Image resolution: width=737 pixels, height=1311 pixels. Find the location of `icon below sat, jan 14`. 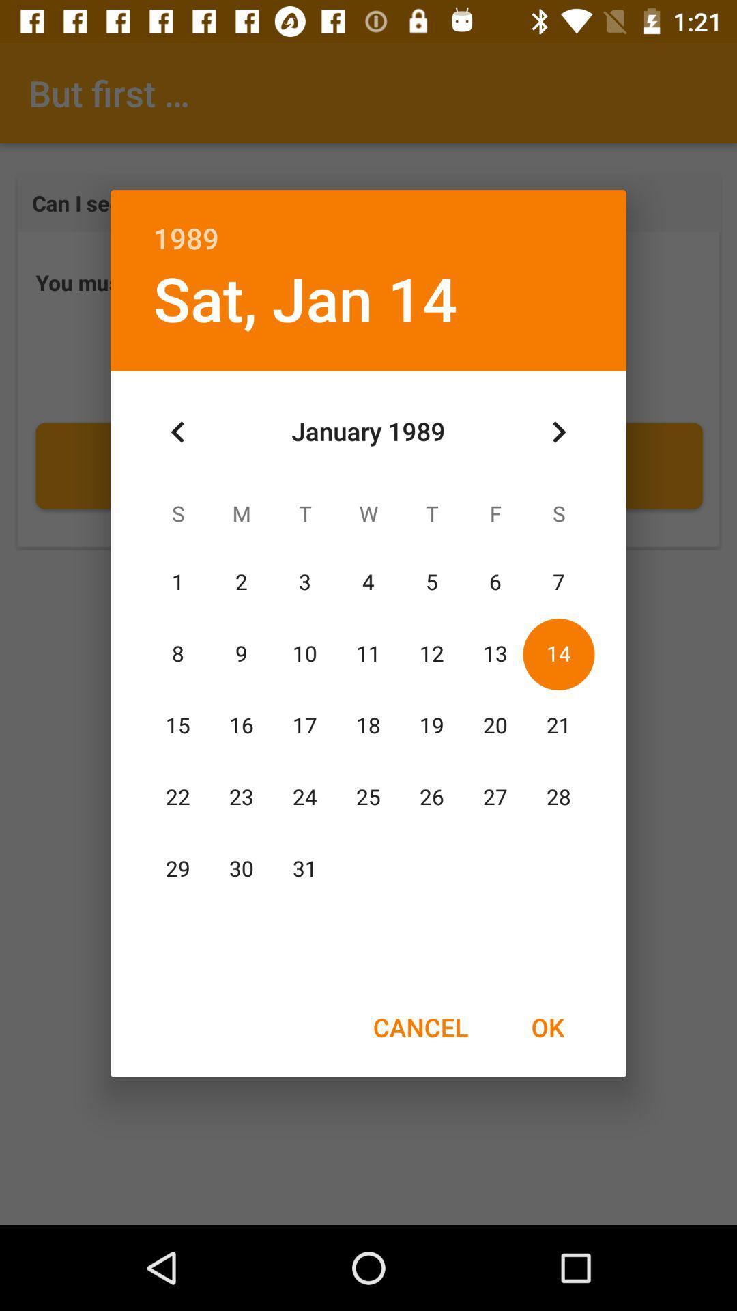

icon below sat, jan 14 is located at coordinates (177, 432).